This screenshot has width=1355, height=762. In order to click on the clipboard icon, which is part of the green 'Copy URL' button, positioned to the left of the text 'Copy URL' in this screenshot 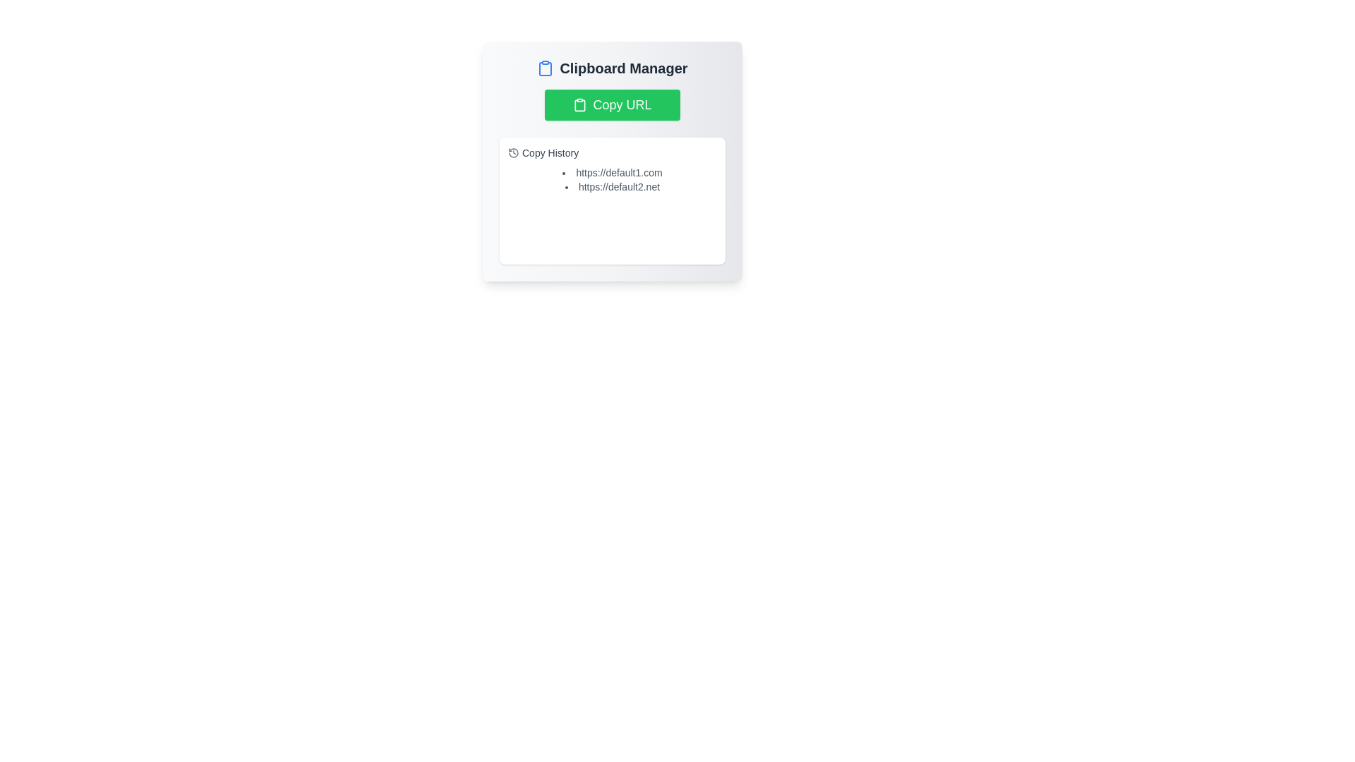, I will do `click(580, 104)`.